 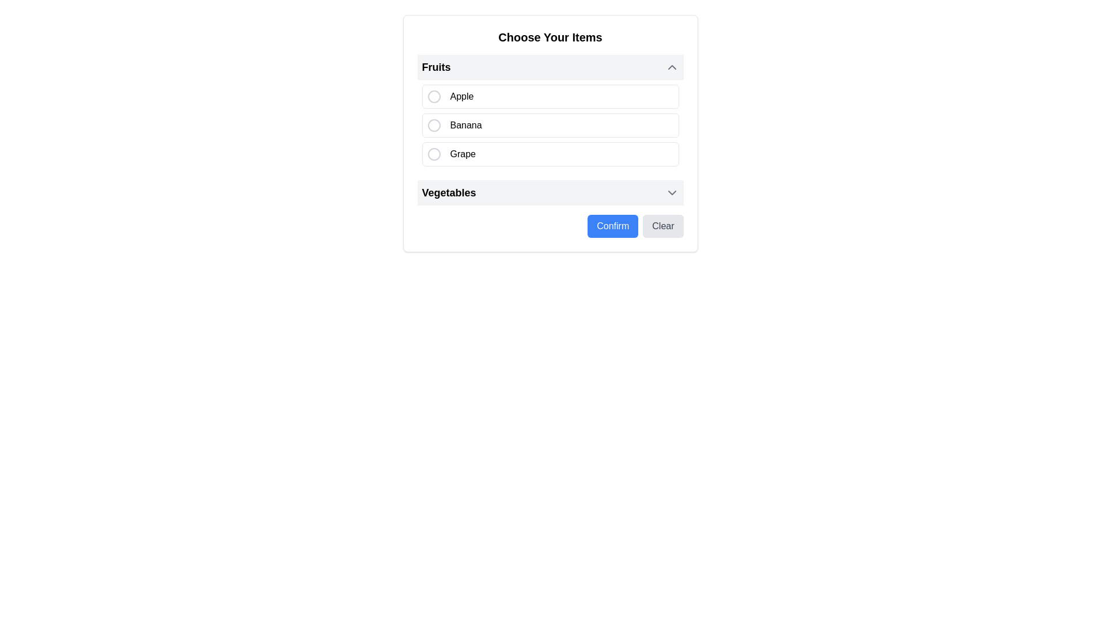 What do you see at coordinates (433, 126) in the screenshot?
I see `the circle SVG graphic that serves as a visual marker within the 'Banana' list item under the 'Fruits' section` at bounding box center [433, 126].